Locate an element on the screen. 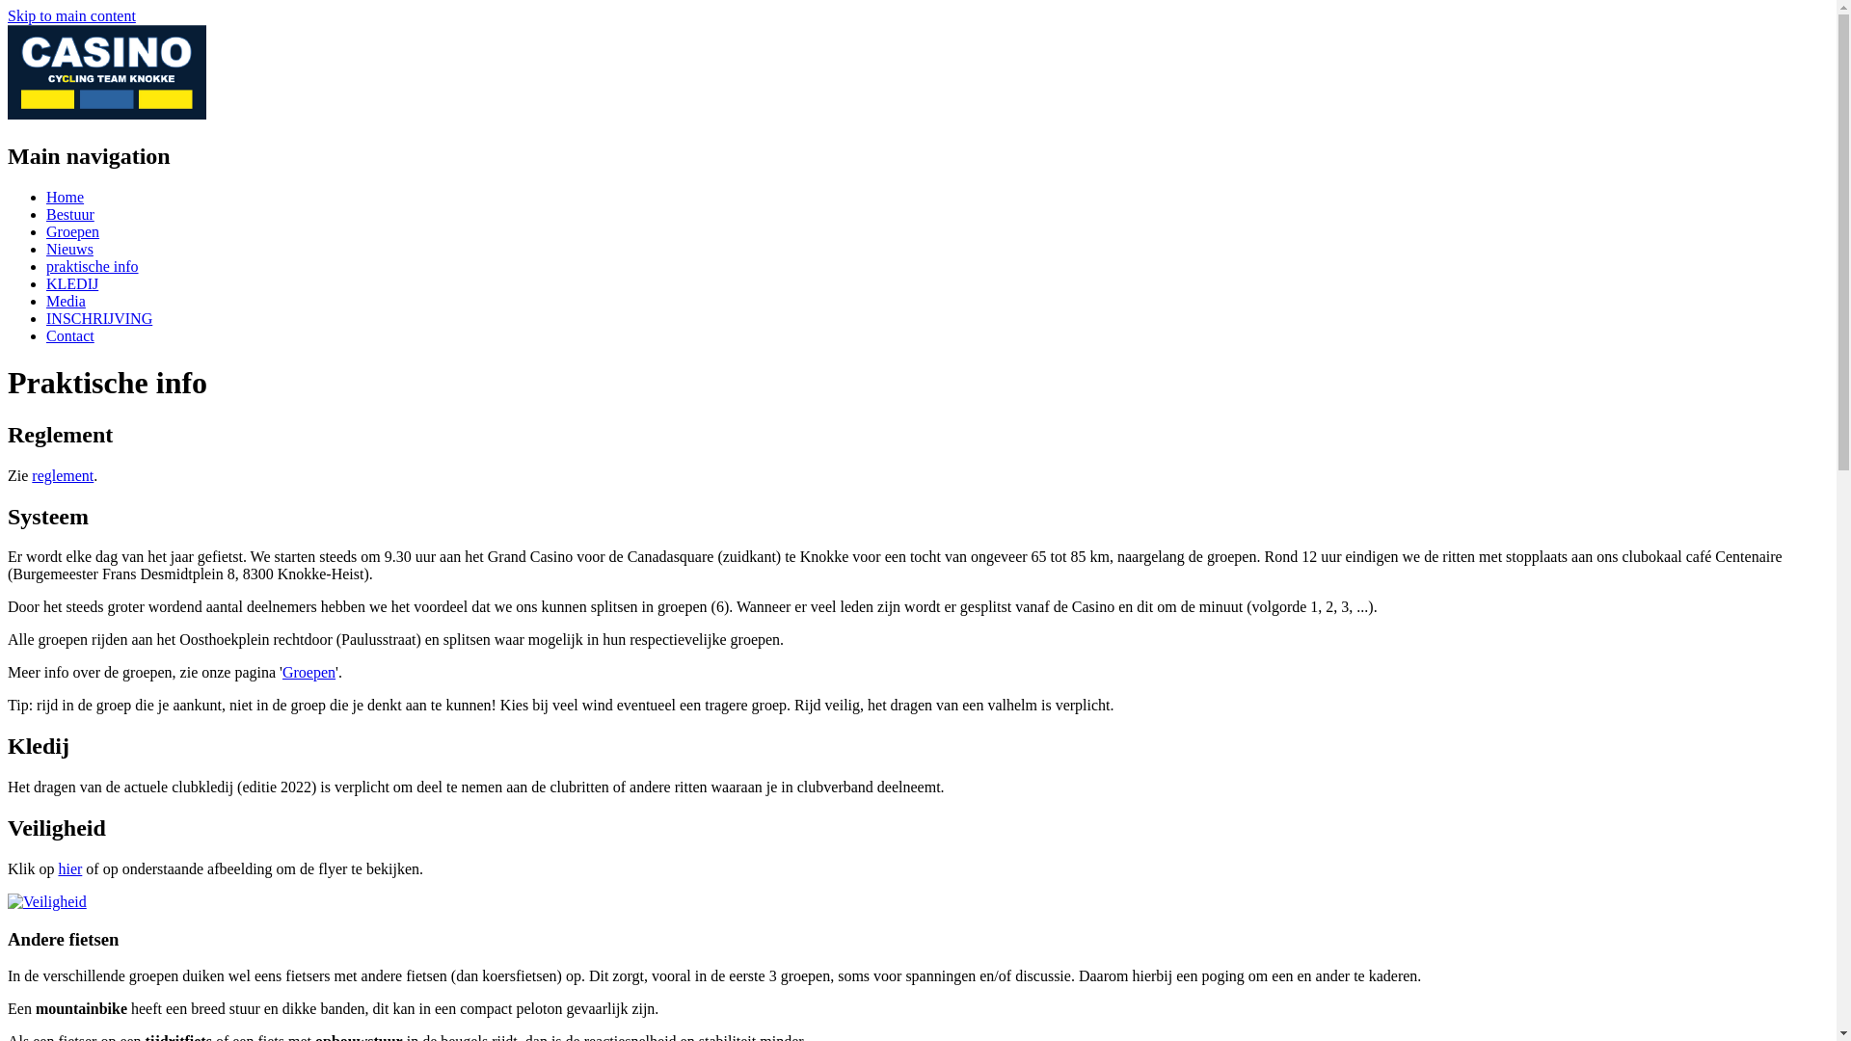 Image resolution: width=1851 pixels, height=1041 pixels. 'Media' is located at coordinates (46, 301).